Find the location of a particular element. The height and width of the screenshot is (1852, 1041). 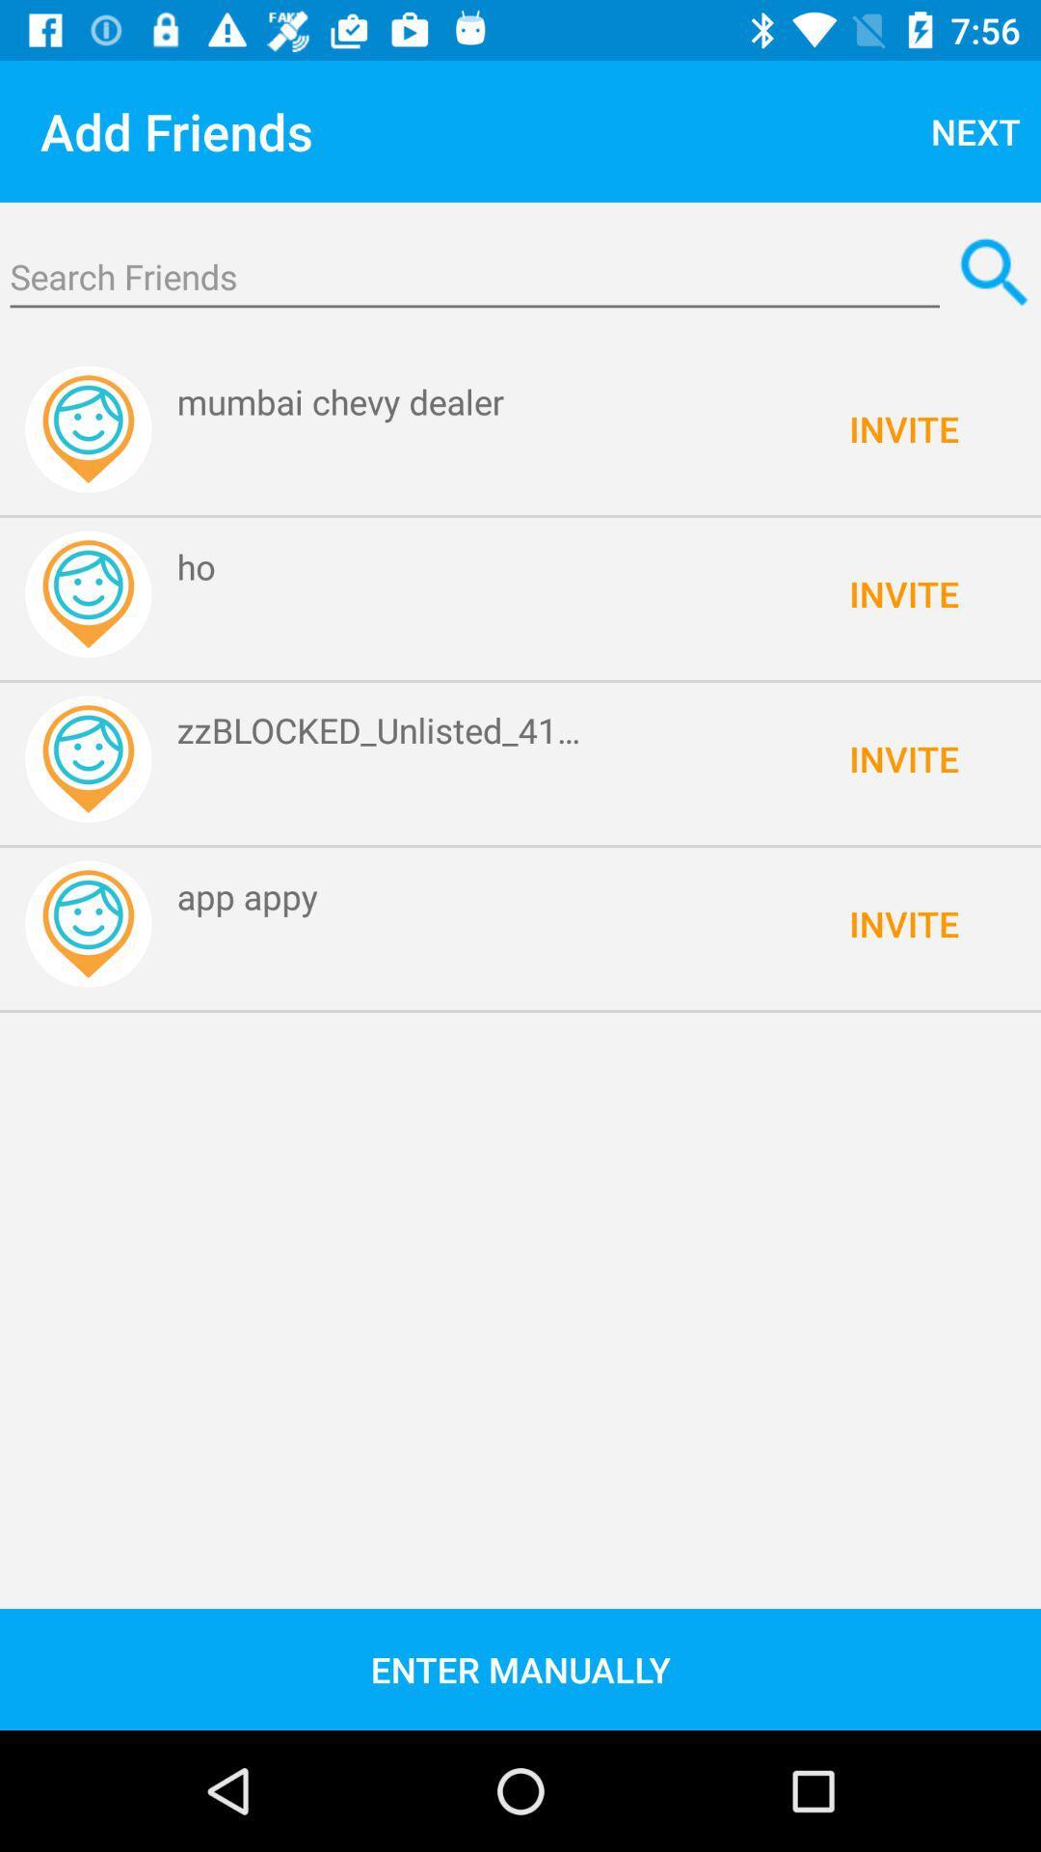

the search icon is located at coordinates (995, 272).